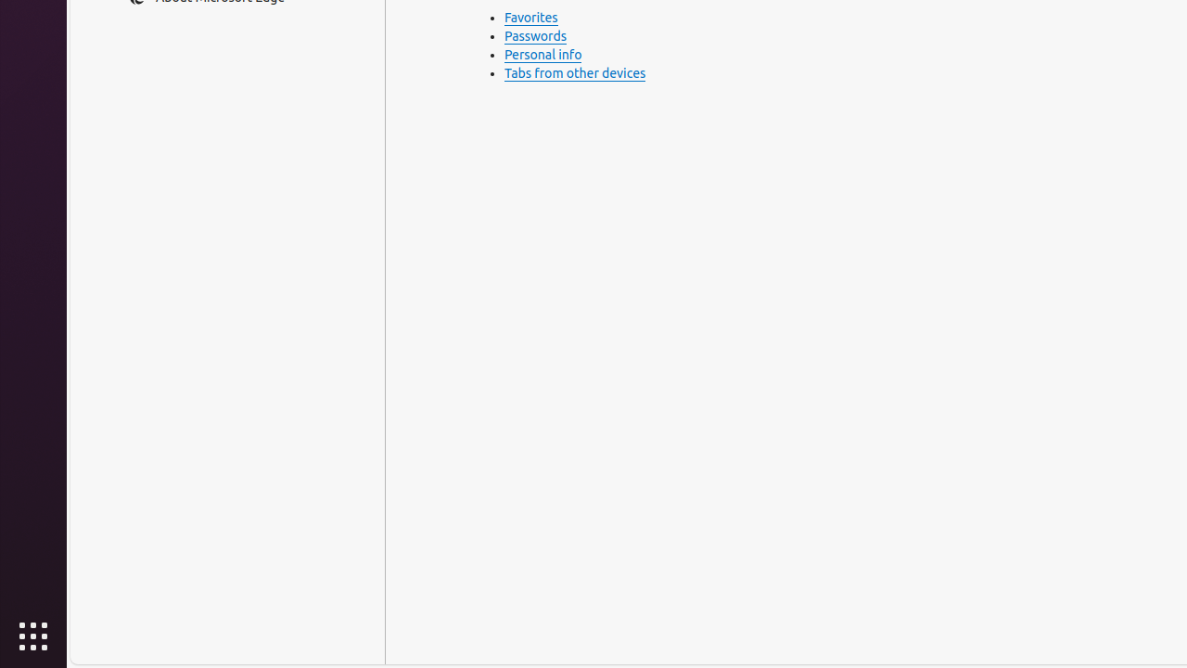 The image size is (1187, 668). Describe the element at coordinates (574, 72) in the screenshot. I see `'Tabs from other devices'` at that location.